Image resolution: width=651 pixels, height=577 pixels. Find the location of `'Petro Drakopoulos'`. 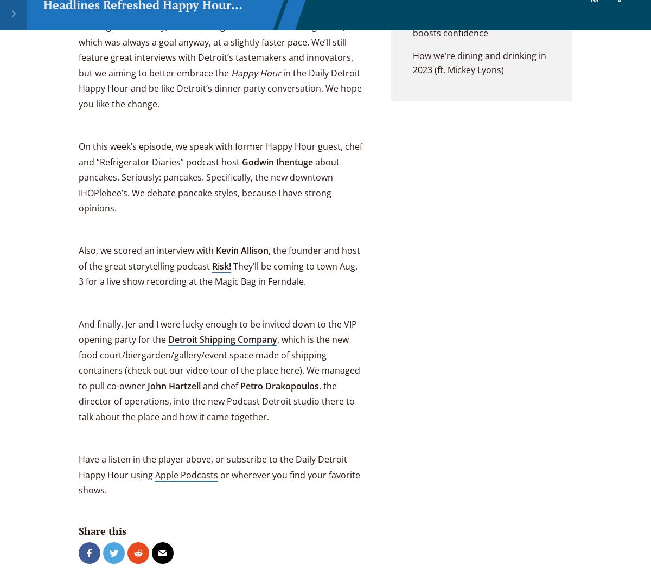

'Petro Drakopoulos' is located at coordinates (279, 385).